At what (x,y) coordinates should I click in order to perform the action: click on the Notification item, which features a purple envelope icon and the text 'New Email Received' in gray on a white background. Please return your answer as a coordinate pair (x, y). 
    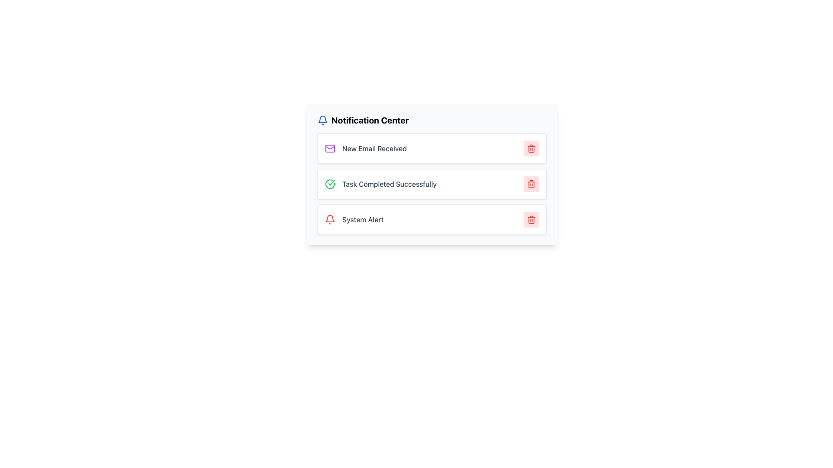
    Looking at the image, I should click on (366, 148).